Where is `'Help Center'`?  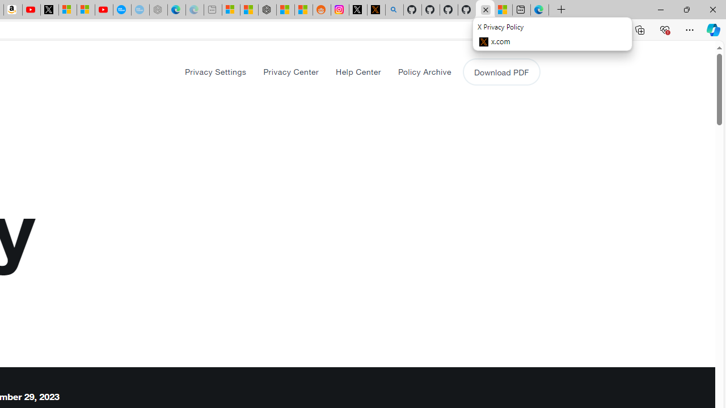
'Help Center' is located at coordinates (357, 71).